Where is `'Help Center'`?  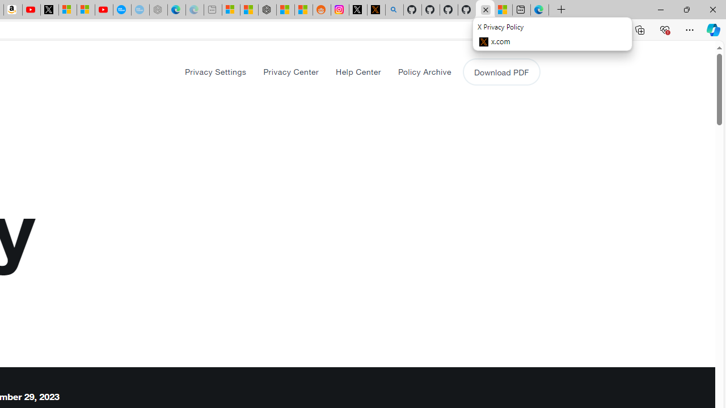
'Help Center' is located at coordinates (357, 71).